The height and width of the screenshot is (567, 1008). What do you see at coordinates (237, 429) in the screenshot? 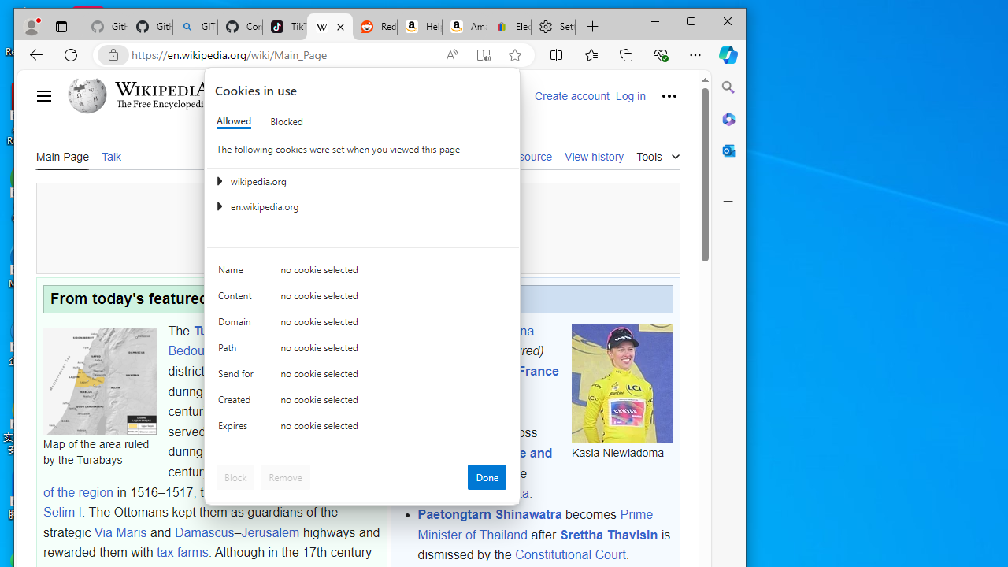
I see `'Expires'` at bounding box center [237, 429].